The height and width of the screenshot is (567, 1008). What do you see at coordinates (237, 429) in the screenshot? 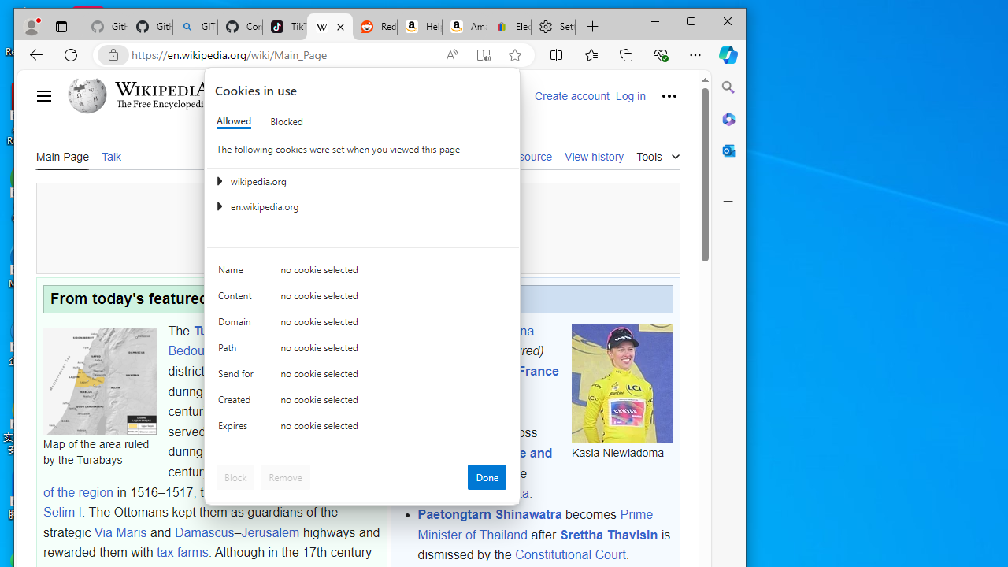
I see `'Expires'` at bounding box center [237, 429].